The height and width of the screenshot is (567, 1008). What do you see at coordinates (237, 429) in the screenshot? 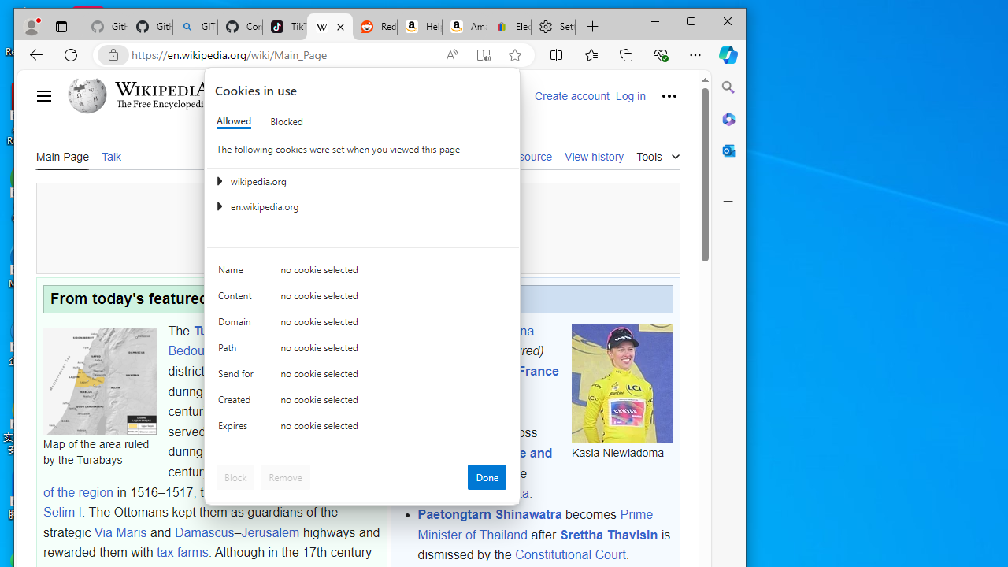
I see `'Expires'` at bounding box center [237, 429].